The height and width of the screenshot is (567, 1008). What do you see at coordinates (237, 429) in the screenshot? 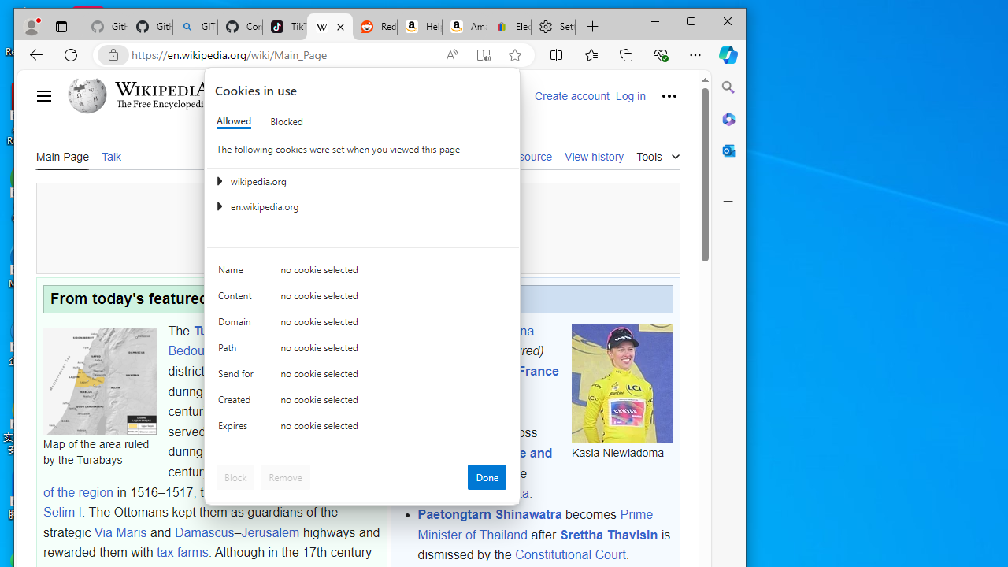
I see `'Expires'` at bounding box center [237, 429].